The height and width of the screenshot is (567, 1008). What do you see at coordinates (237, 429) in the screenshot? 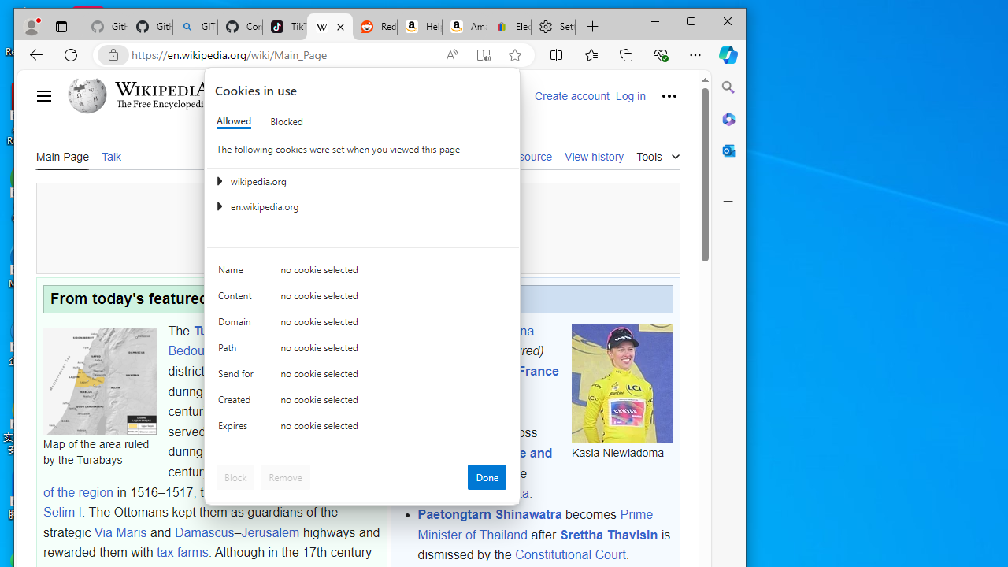
I see `'Expires'` at bounding box center [237, 429].